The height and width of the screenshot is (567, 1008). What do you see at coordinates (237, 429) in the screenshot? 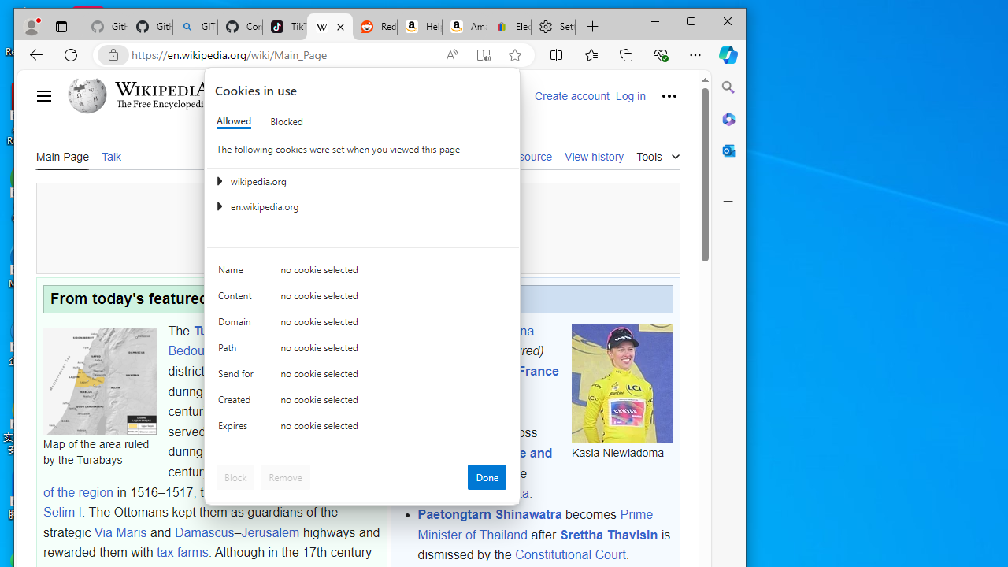
I see `'Expires'` at bounding box center [237, 429].